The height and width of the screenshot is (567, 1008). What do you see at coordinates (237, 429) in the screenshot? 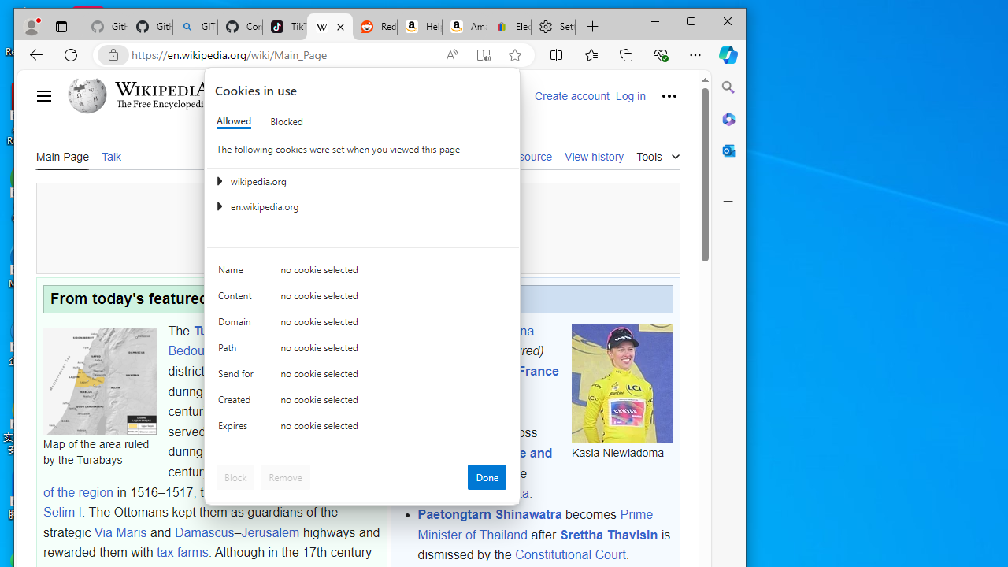
I see `'Expires'` at bounding box center [237, 429].